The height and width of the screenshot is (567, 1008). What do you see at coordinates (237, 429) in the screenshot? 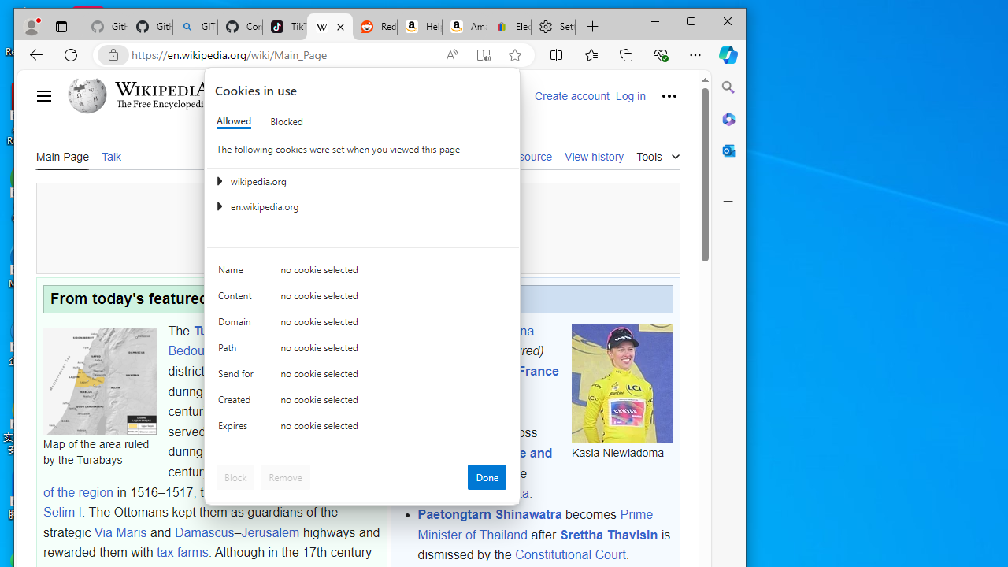
I see `'Expires'` at bounding box center [237, 429].